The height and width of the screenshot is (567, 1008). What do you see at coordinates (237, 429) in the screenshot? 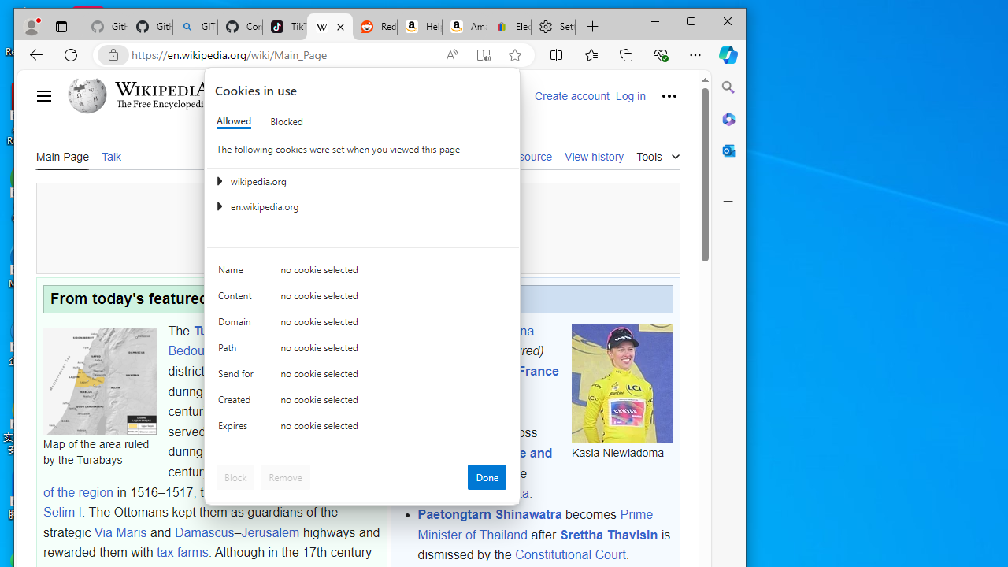
I see `'Expires'` at bounding box center [237, 429].